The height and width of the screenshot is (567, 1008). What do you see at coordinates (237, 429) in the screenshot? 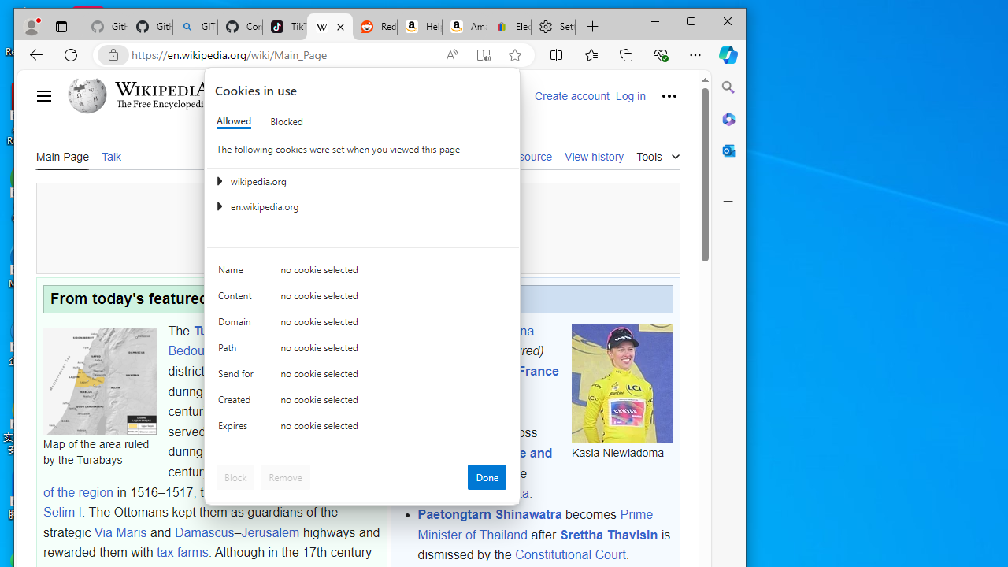
I see `'Expires'` at bounding box center [237, 429].